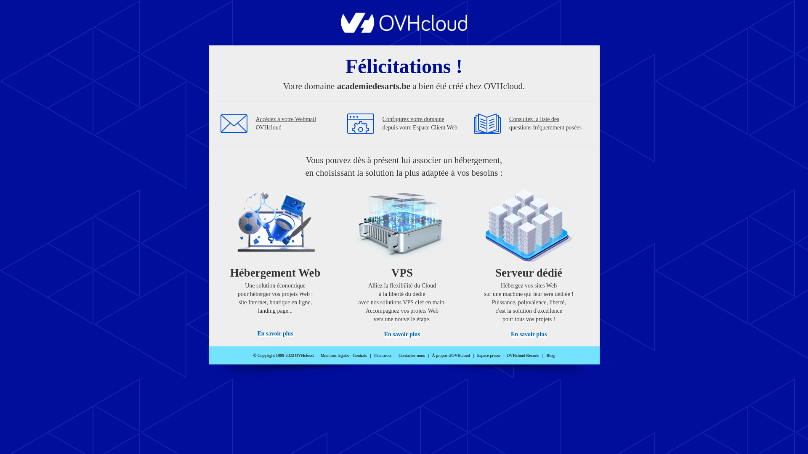 This screenshot has width=808, height=454. What do you see at coordinates (489, 355) in the screenshot?
I see `'Espace presse'` at bounding box center [489, 355].